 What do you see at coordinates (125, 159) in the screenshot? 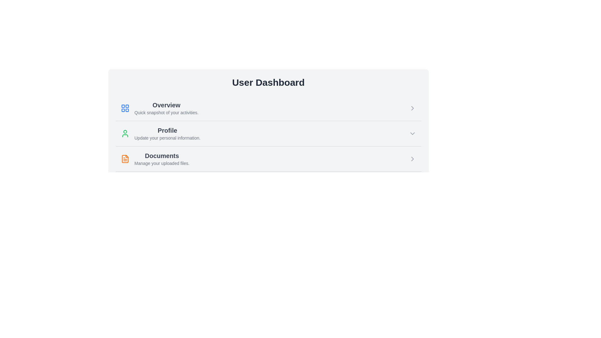
I see `the orange document icon that is located to the left of the 'Documents' label, which is the third icon from the top in a vertical list` at bounding box center [125, 159].